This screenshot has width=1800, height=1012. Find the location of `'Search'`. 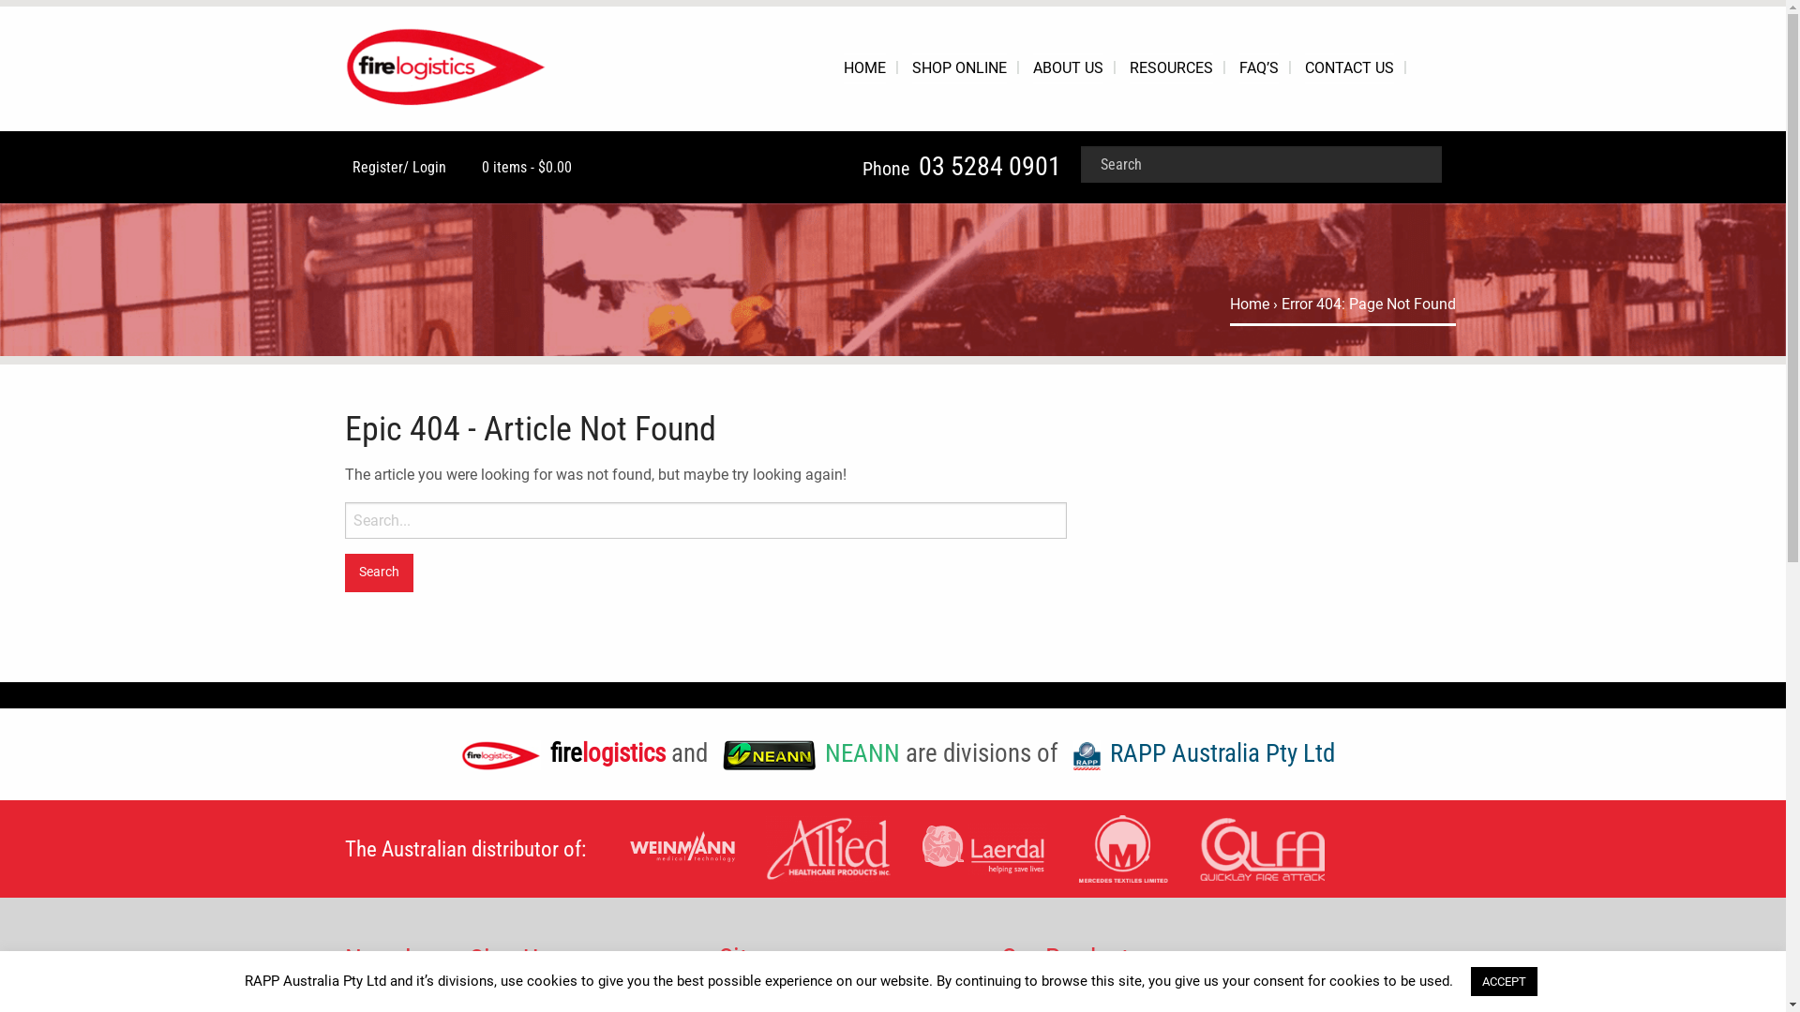

'Search' is located at coordinates (378, 572).